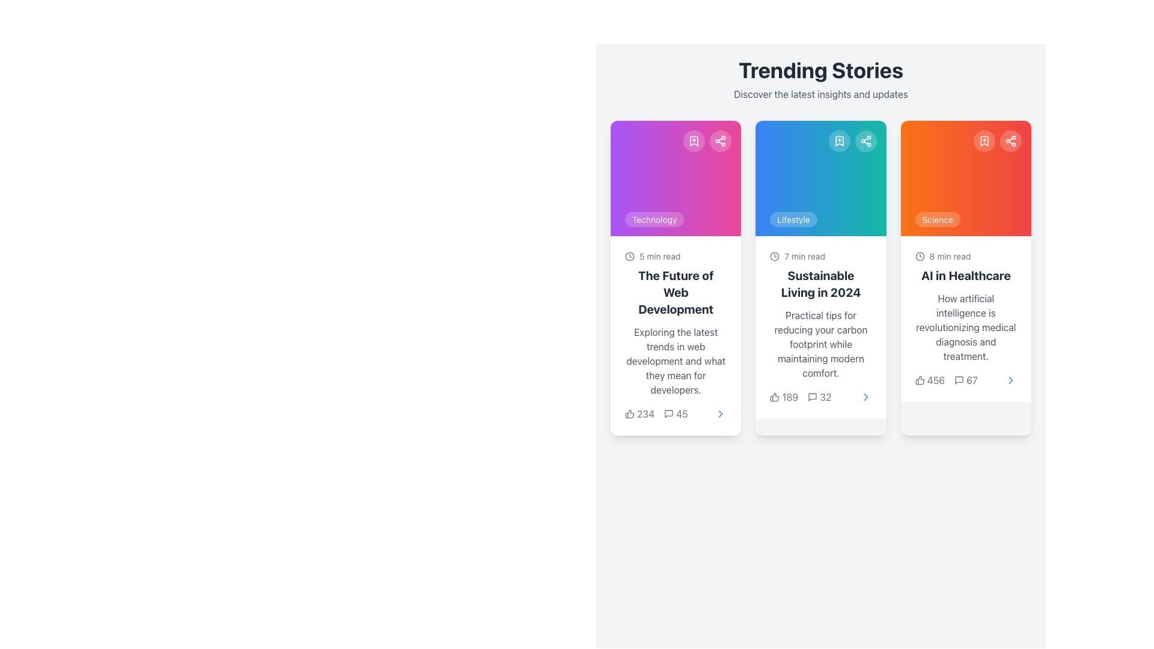 The height and width of the screenshot is (649, 1154). I want to click on displayed interaction metrics for the post labeled 'Sustainable Living in 2024', which includes the thumbs-up icon with 189 likes and the message icon with 32 messages, so click(801, 397).